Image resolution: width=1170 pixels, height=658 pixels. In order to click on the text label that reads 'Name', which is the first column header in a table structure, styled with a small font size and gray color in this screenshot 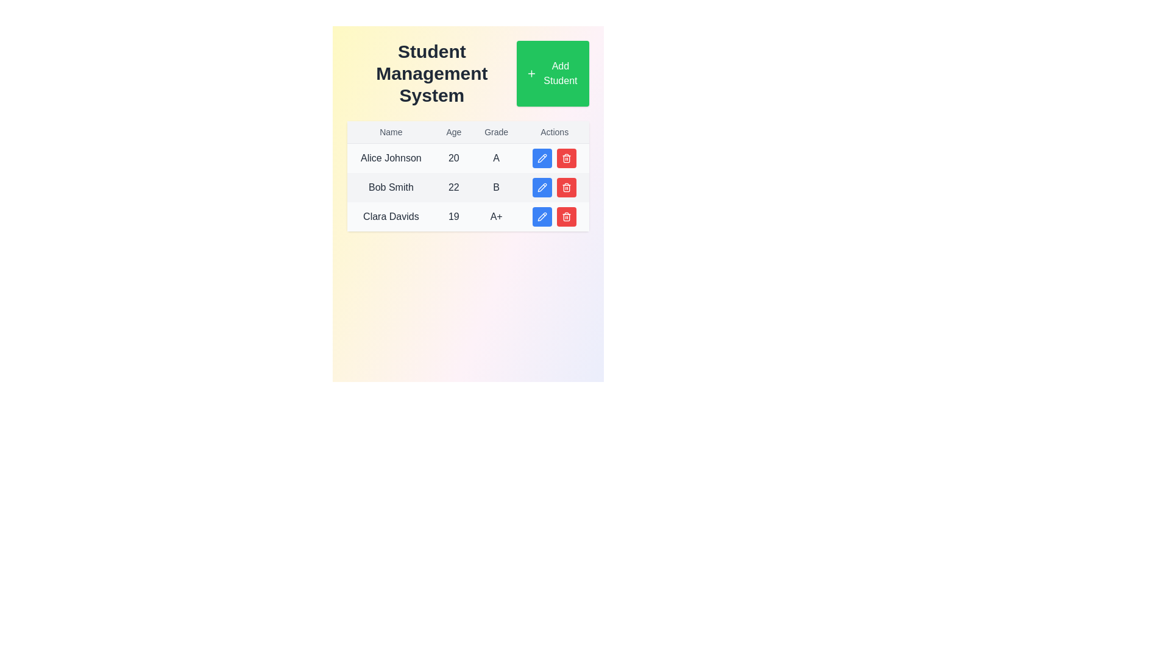, I will do `click(391, 132)`.